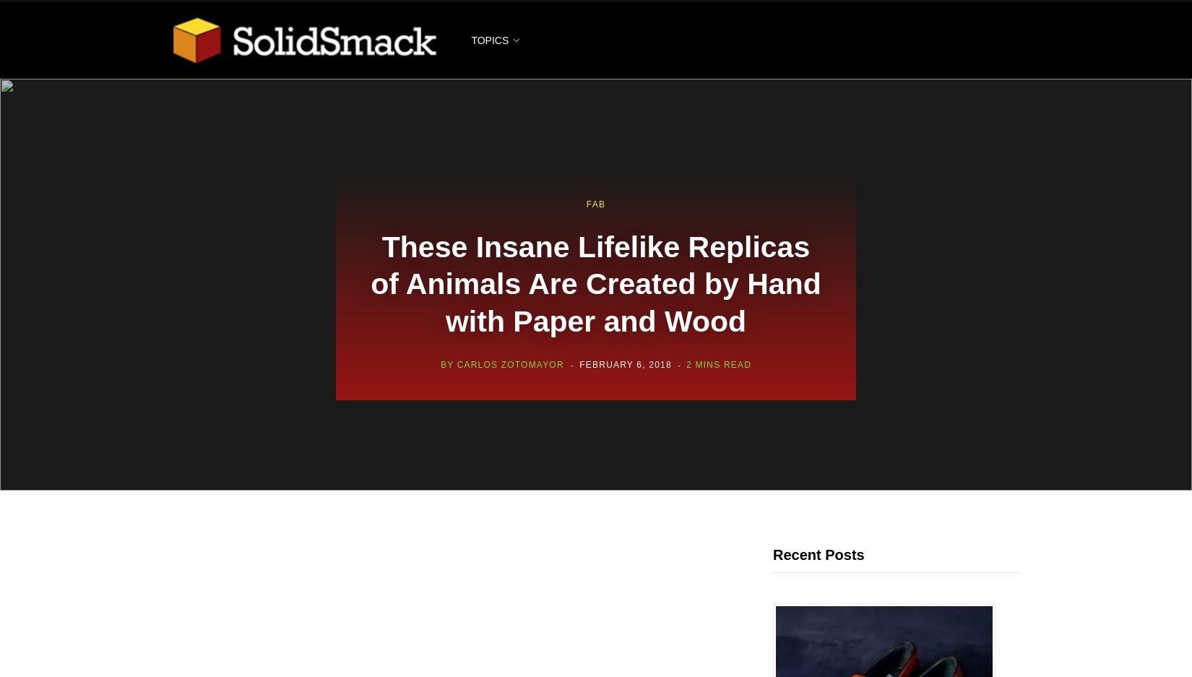  I want to click on 'COOL TOOLS', so click(490, 252).